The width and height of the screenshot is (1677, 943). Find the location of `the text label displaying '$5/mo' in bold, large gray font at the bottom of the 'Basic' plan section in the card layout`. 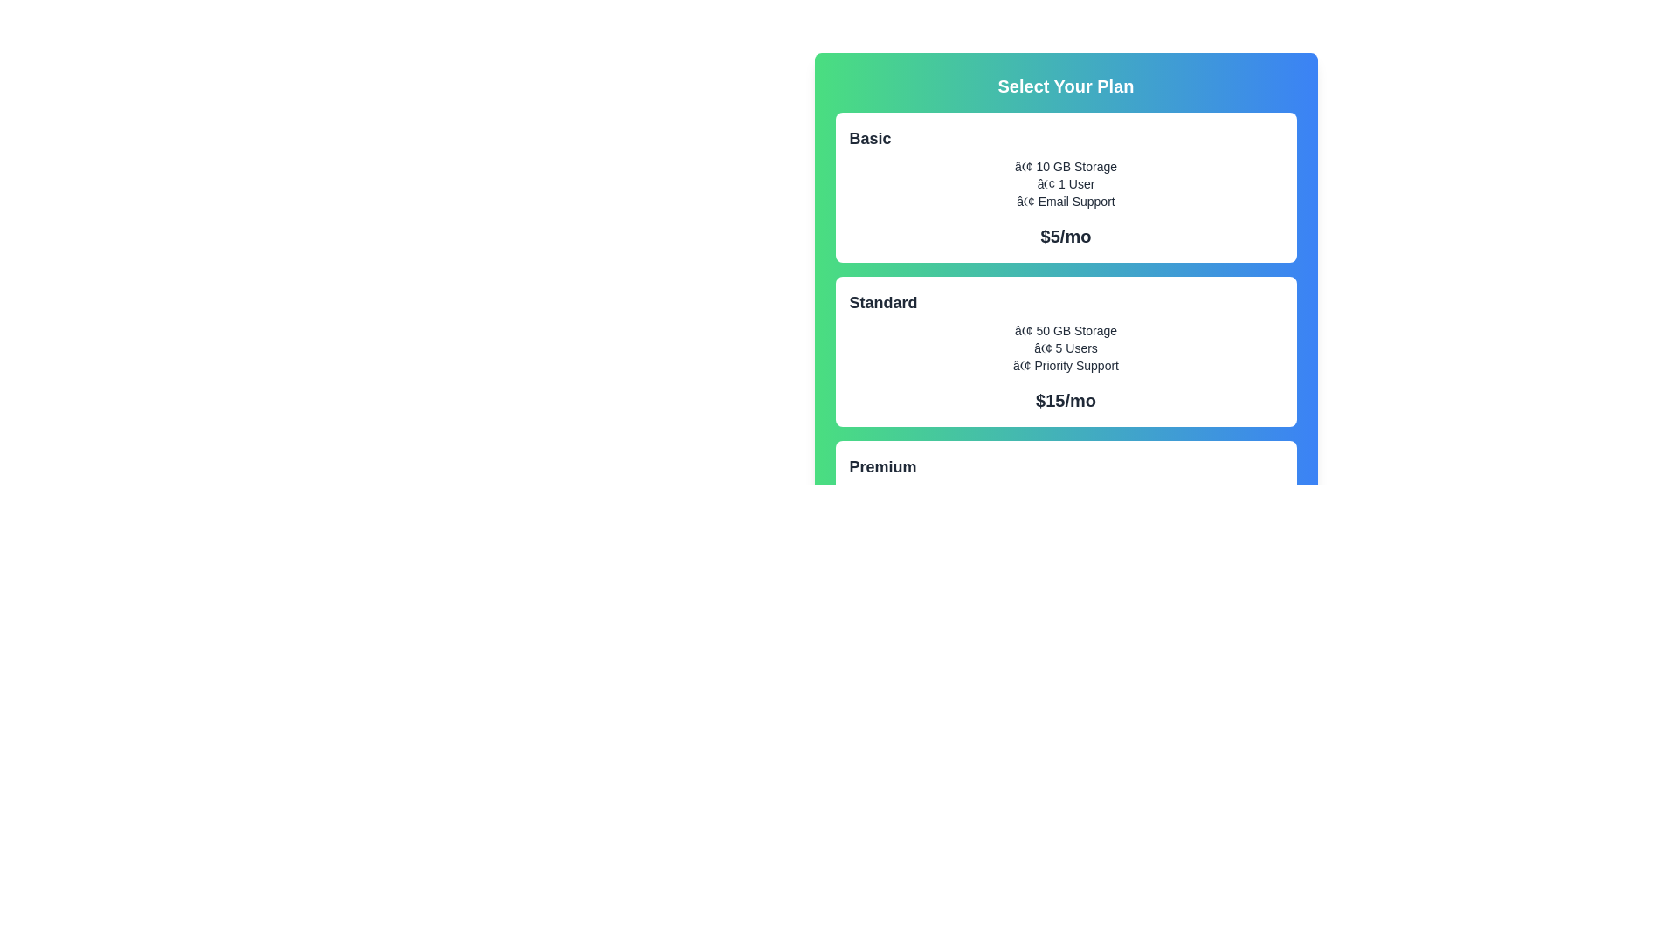

the text label displaying '$5/mo' in bold, large gray font at the bottom of the 'Basic' plan section in the card layout is located at coordinates (1065, 236).